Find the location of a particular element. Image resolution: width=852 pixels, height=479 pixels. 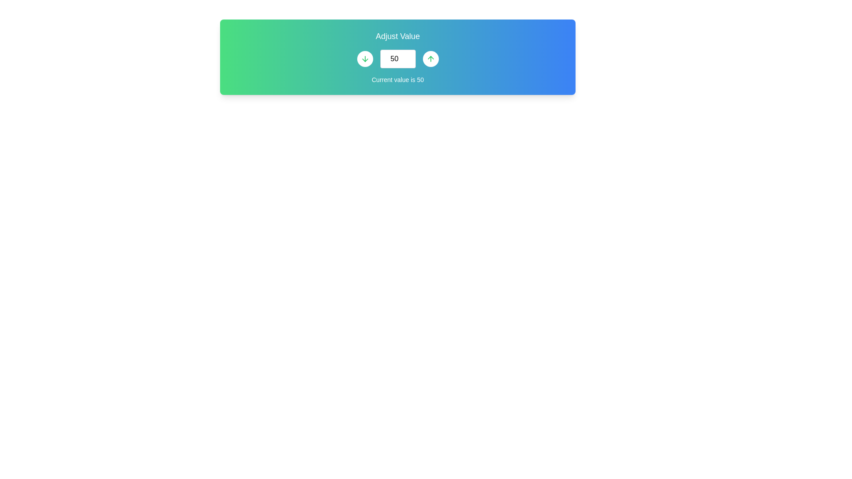

the increment button located to the right of the numeric input box, below the 'Adjust Value' text, to increase the displayed value is located at coordinates (430, 59).